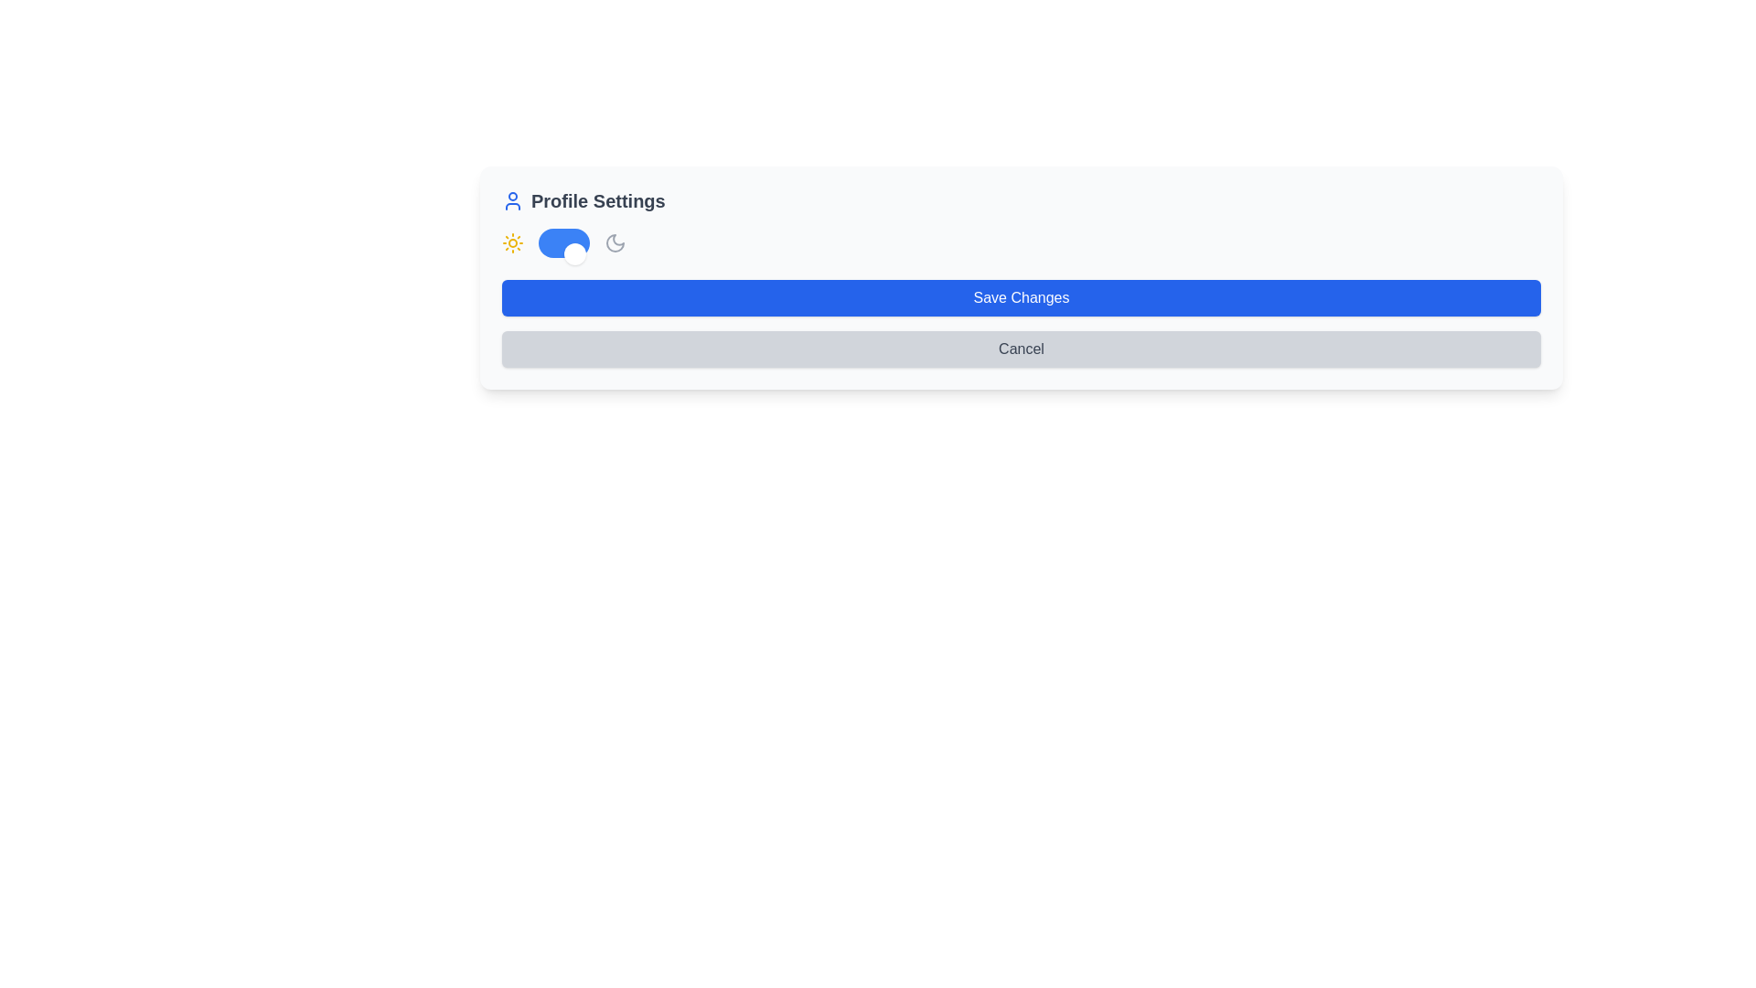  What do you see at coordinates (598, 200) in the screenshot?
I see `text label indicating profile settings located to the right of the user profile icon at the top-left of the interface` at bounding box center [598, 200].